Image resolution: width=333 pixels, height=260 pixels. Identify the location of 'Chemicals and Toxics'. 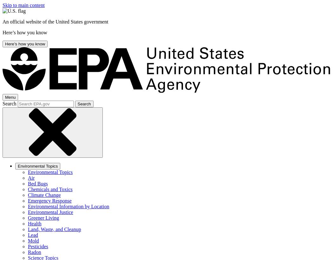
(28, 189).